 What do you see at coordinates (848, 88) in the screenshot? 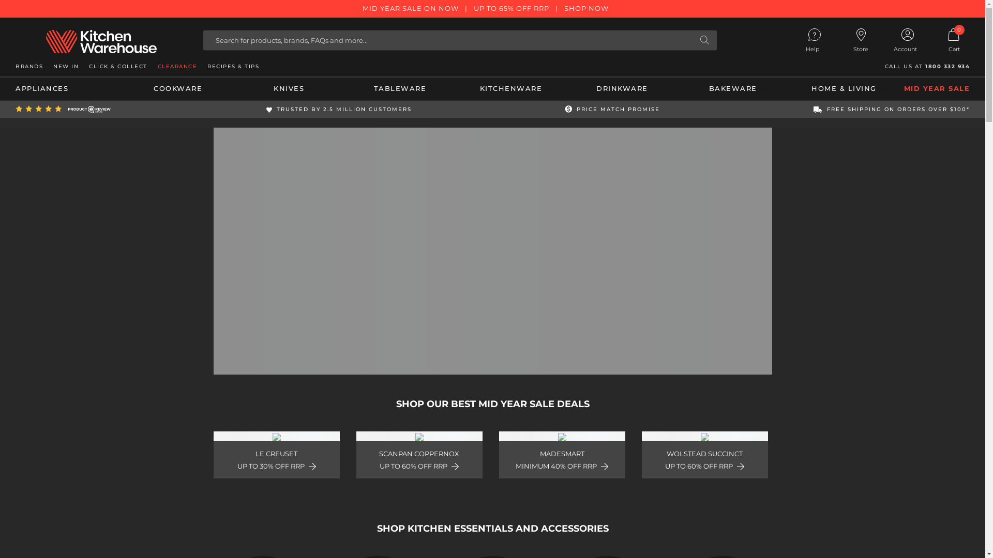
I see `'HOME & LIVING'` at bounding box center [848, 88].